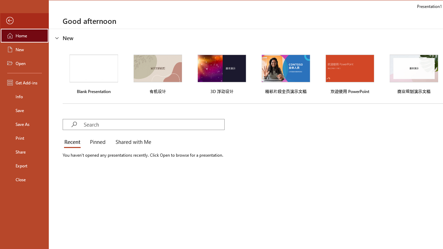 This screenshot has height=249, width=443. Describe the element at coordinates (25, 123) in the screenshot. I see `'Save As'` at that location.